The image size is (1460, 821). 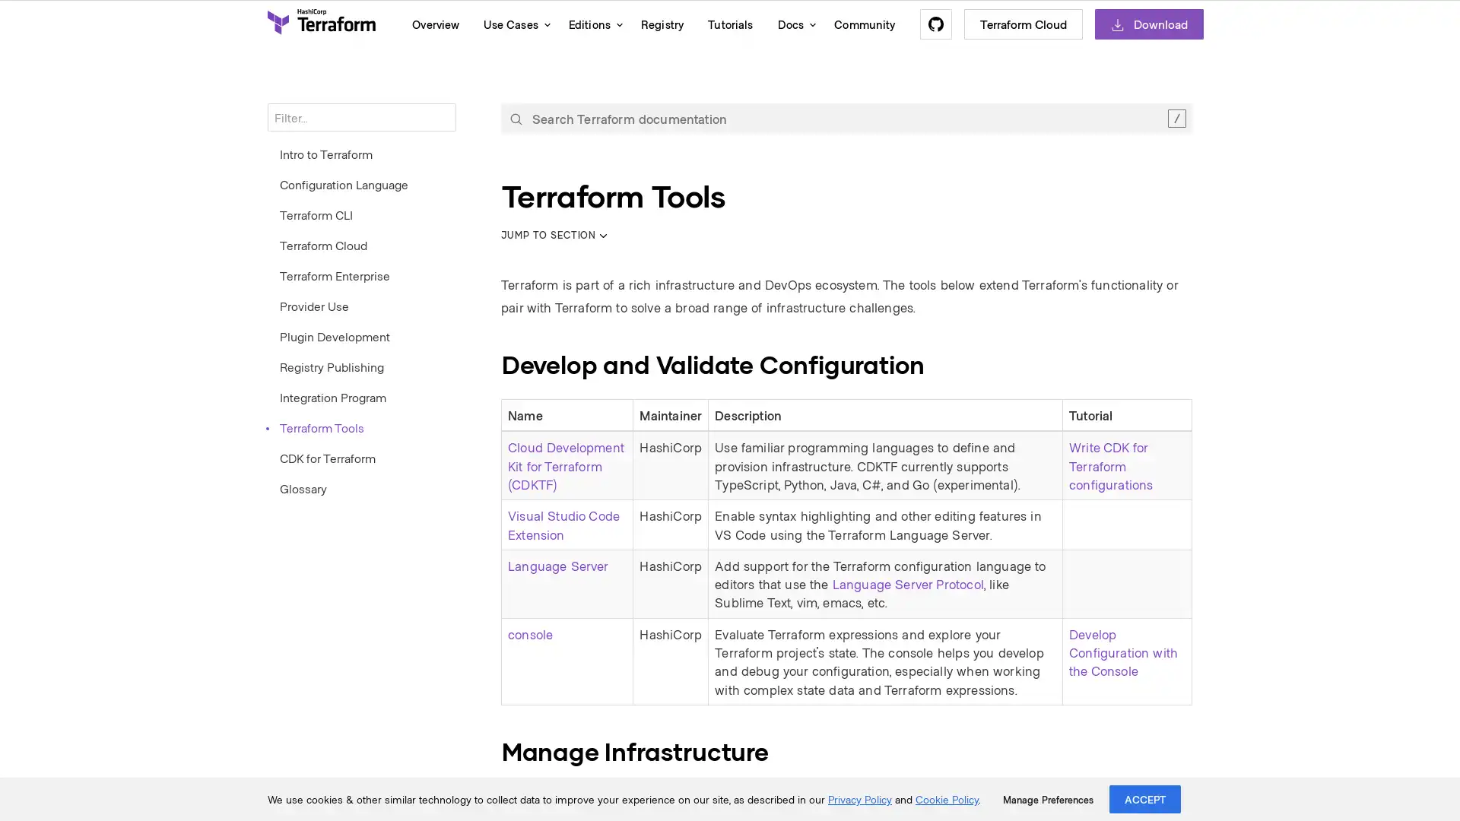 I want to click on Submit your search query., so click(x=516, y=117).